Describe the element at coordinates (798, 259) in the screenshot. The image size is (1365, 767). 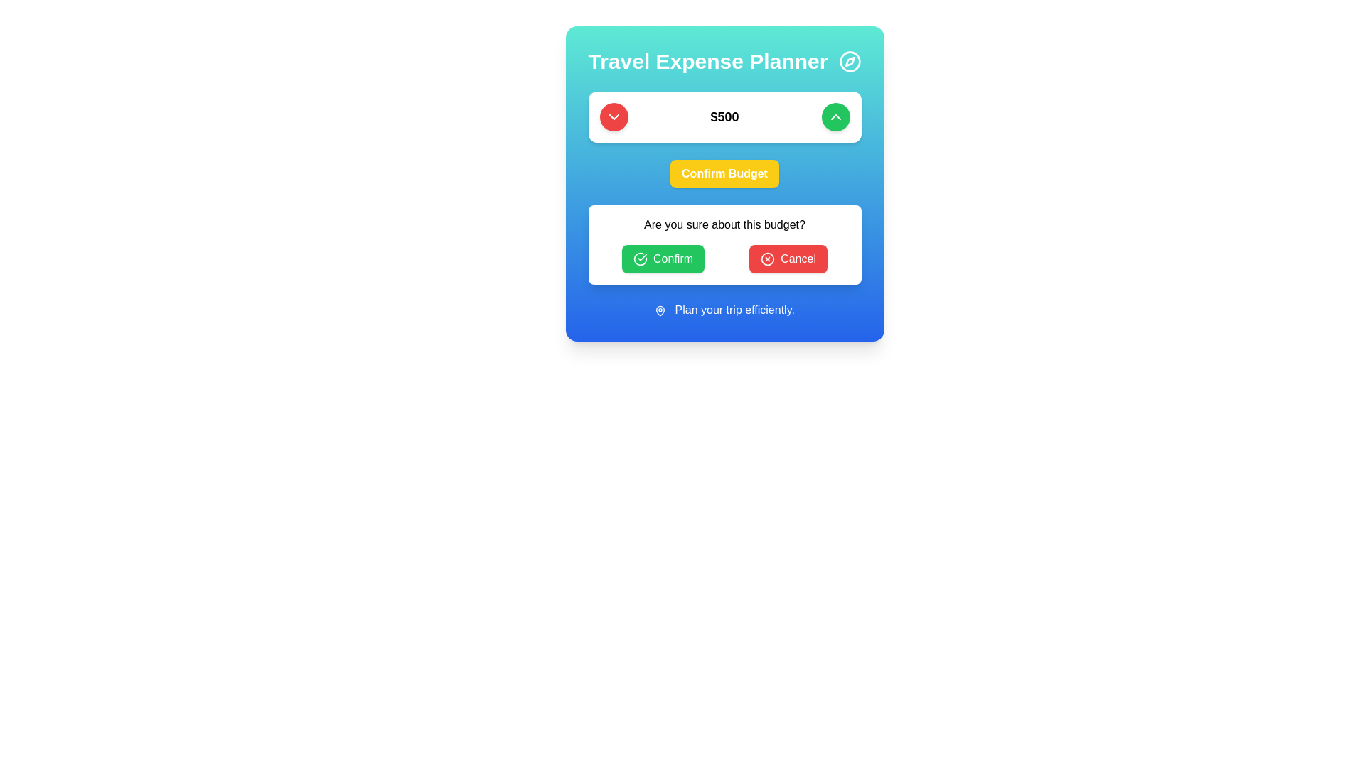
I see `the label within the cancel button located at the bottom section of the dialog box, which indicates the action of canceling a process when clicked` at that location.